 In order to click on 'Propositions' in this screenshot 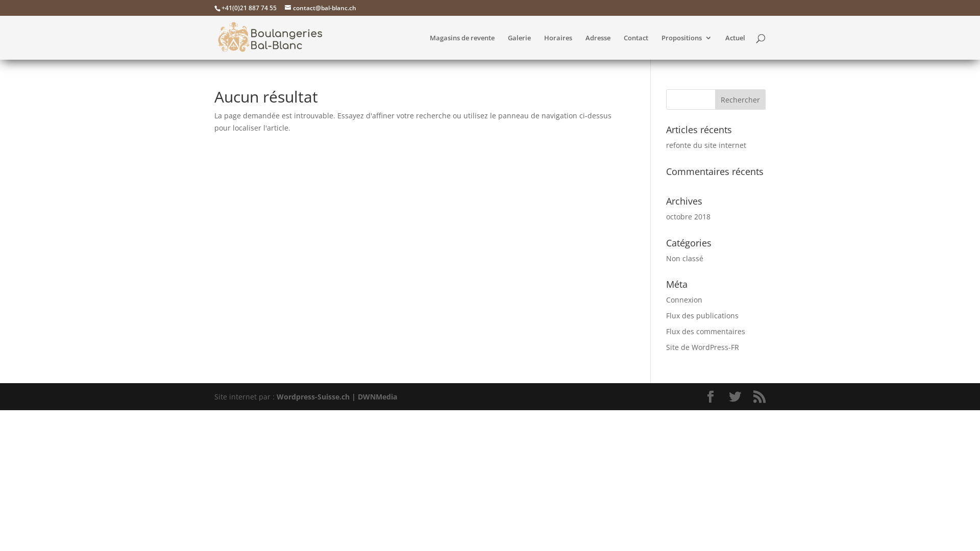, I will do `click(687, 47)`.